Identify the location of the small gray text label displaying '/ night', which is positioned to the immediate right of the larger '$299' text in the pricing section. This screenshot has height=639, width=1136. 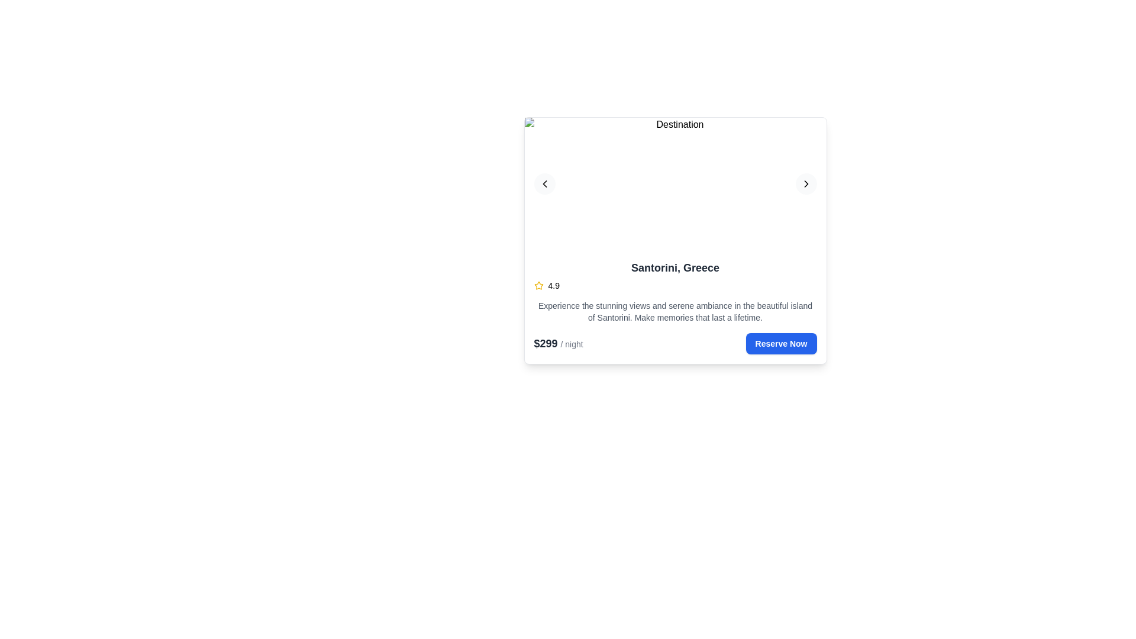
(572, 344).